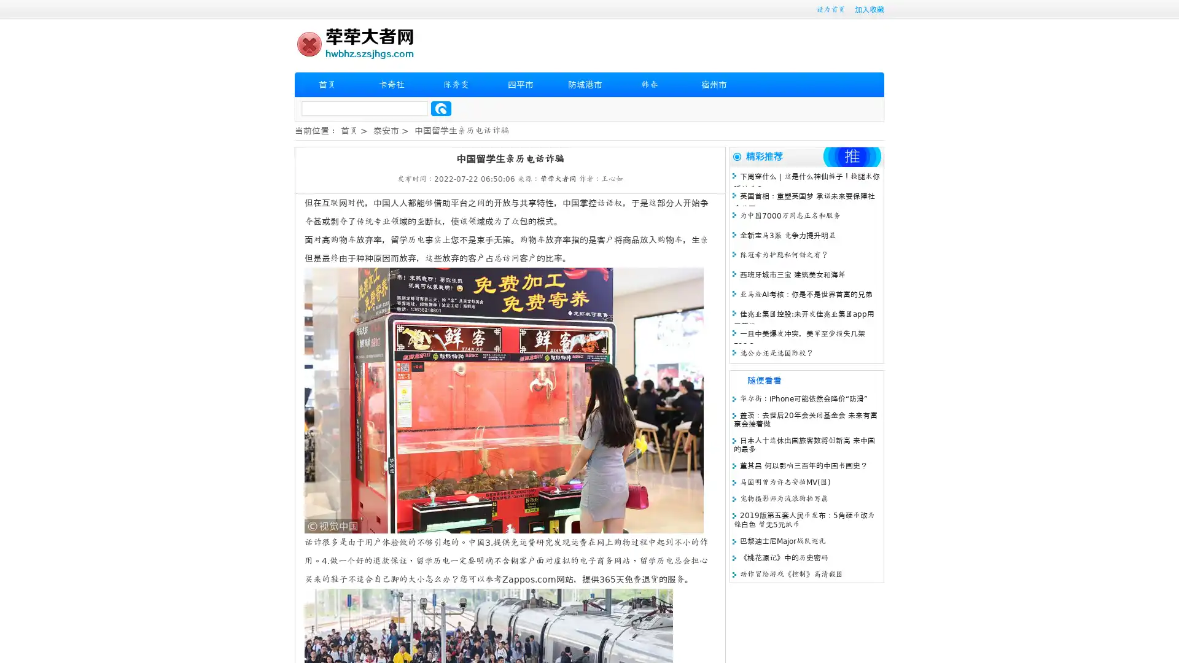 This screenshot has height=663, width=1179. Describe the element at coordinates (441, 108) in the screenshot. I see `Search` at that location.